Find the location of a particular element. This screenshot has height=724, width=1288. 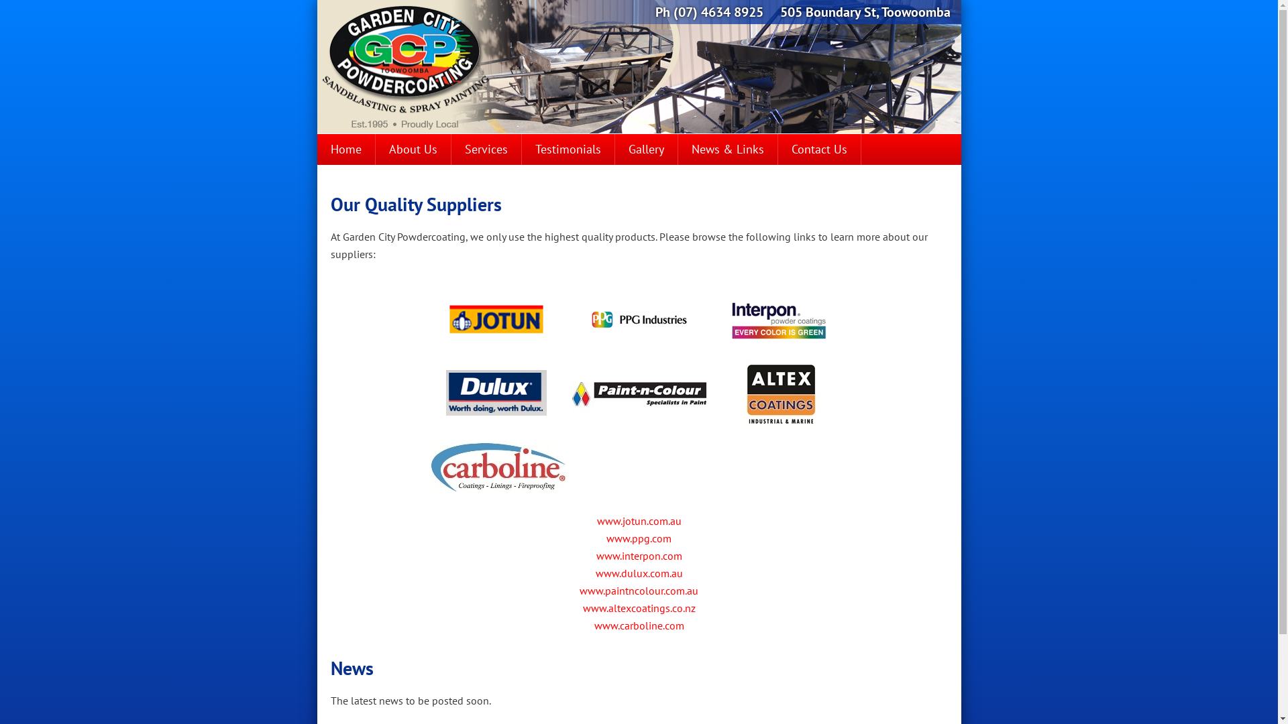

'Testimonials' is located at coordinates (568, 149).